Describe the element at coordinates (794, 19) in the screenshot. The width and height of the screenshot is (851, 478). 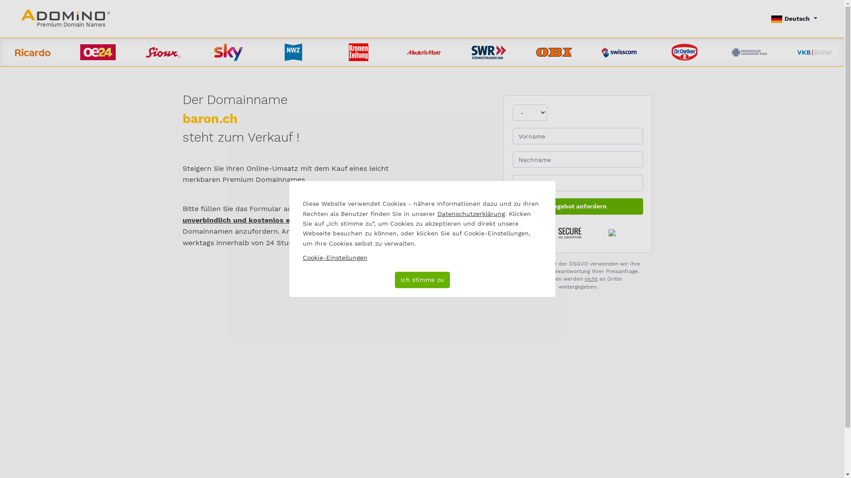
I see `'Deutsch'` at that location.